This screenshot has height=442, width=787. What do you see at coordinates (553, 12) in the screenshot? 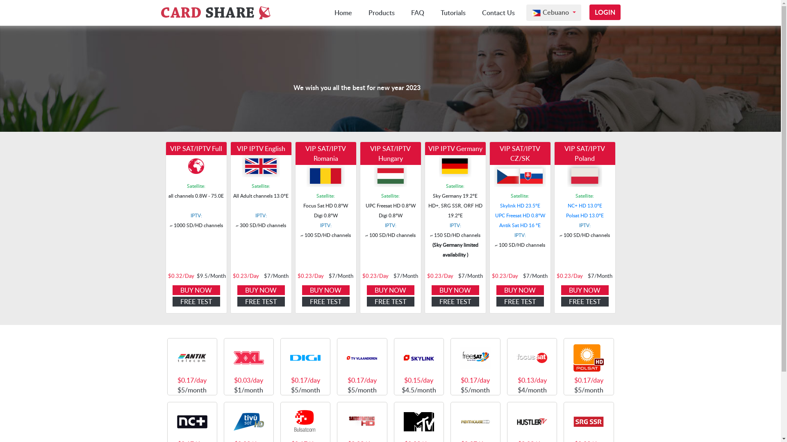
I see `'Cebuano'` at bounding box center [553, 12].